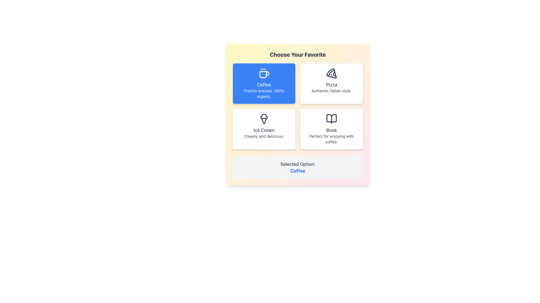 The width and height of the screenshot is (540, 303). Describe the element at coordinates (332, 84) in the screenshot. I see `text displayed in the 'Pizza' text label, which is positioned below a pizza icon and above the text 'Authentic Italian style.'` at that location.